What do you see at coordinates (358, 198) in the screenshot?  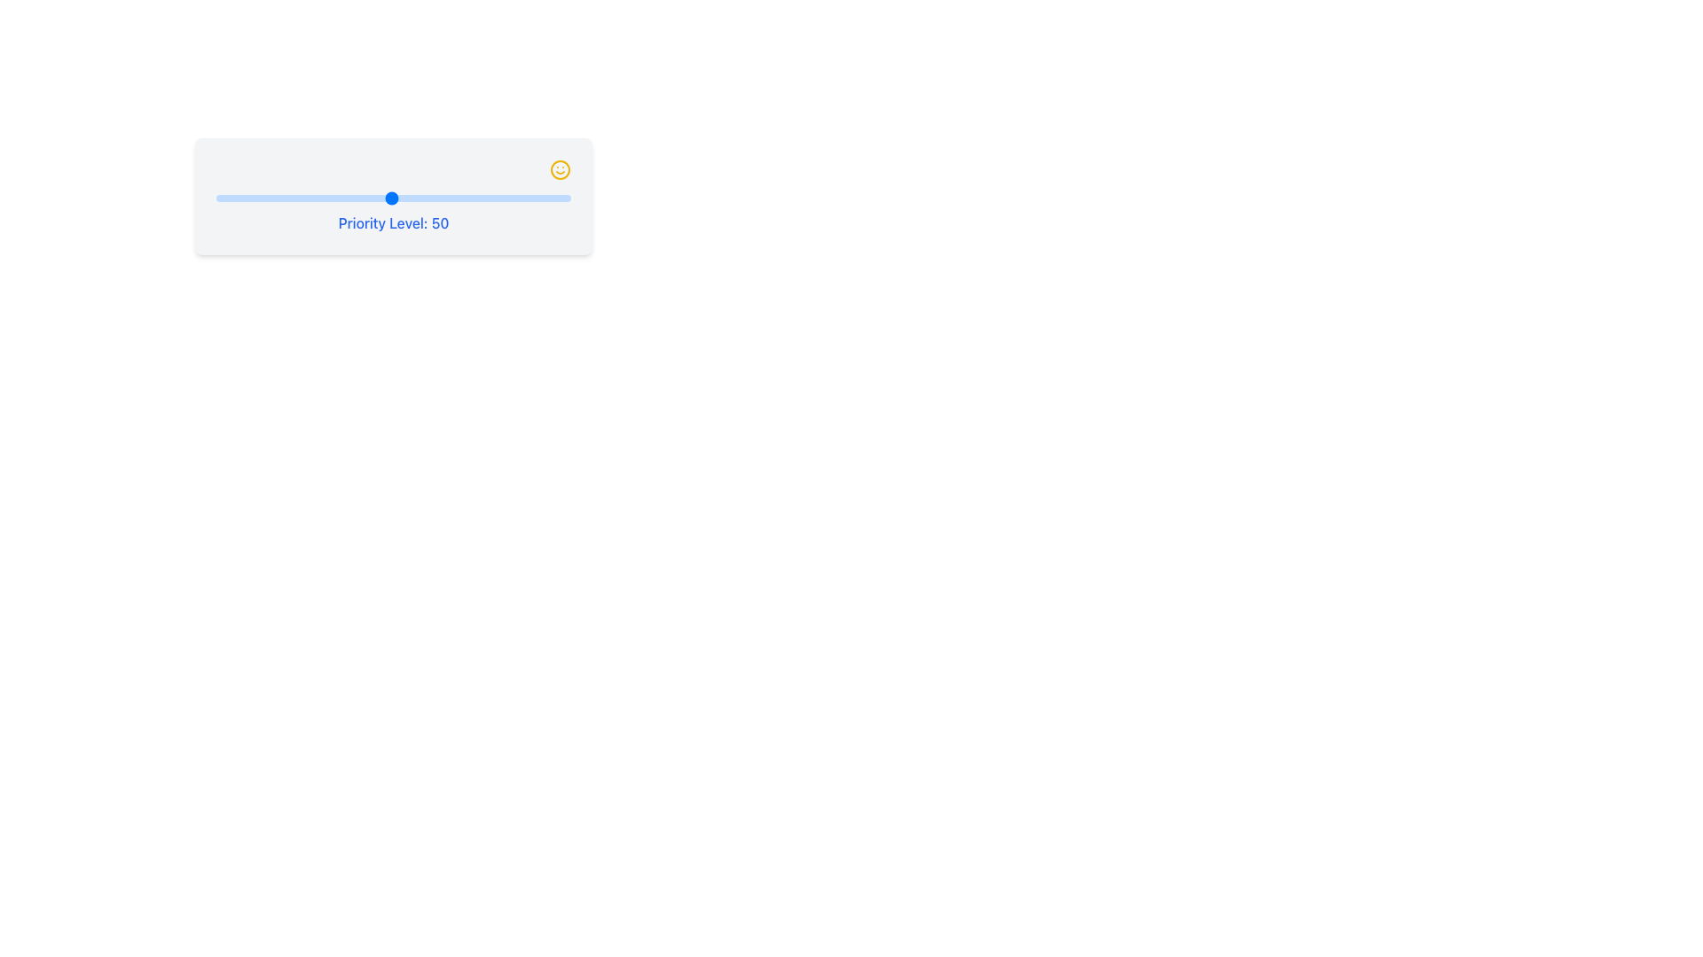 I see `priority level` at bounding box center [358, 198].